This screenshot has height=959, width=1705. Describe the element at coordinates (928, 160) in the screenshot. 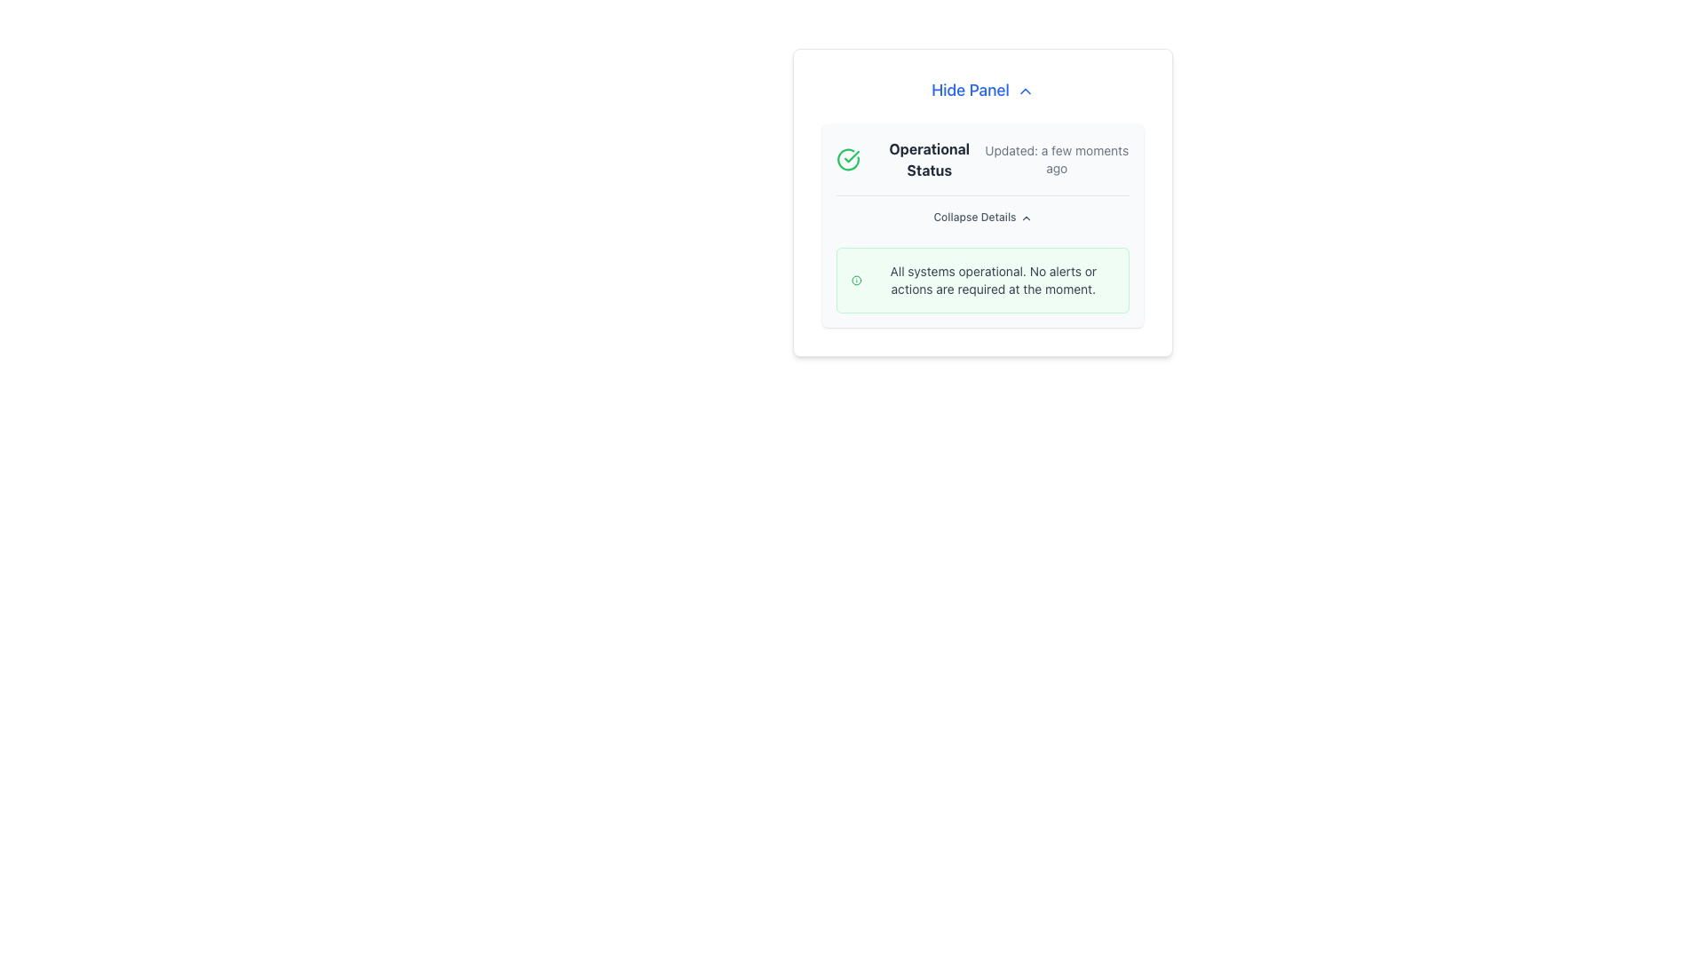

I see `the 'Operational Status' text label, which is a bold, dark gray text component aligned centrally and positioned next to a green checkmark icon in the top-left portion of the system status section` at that location.